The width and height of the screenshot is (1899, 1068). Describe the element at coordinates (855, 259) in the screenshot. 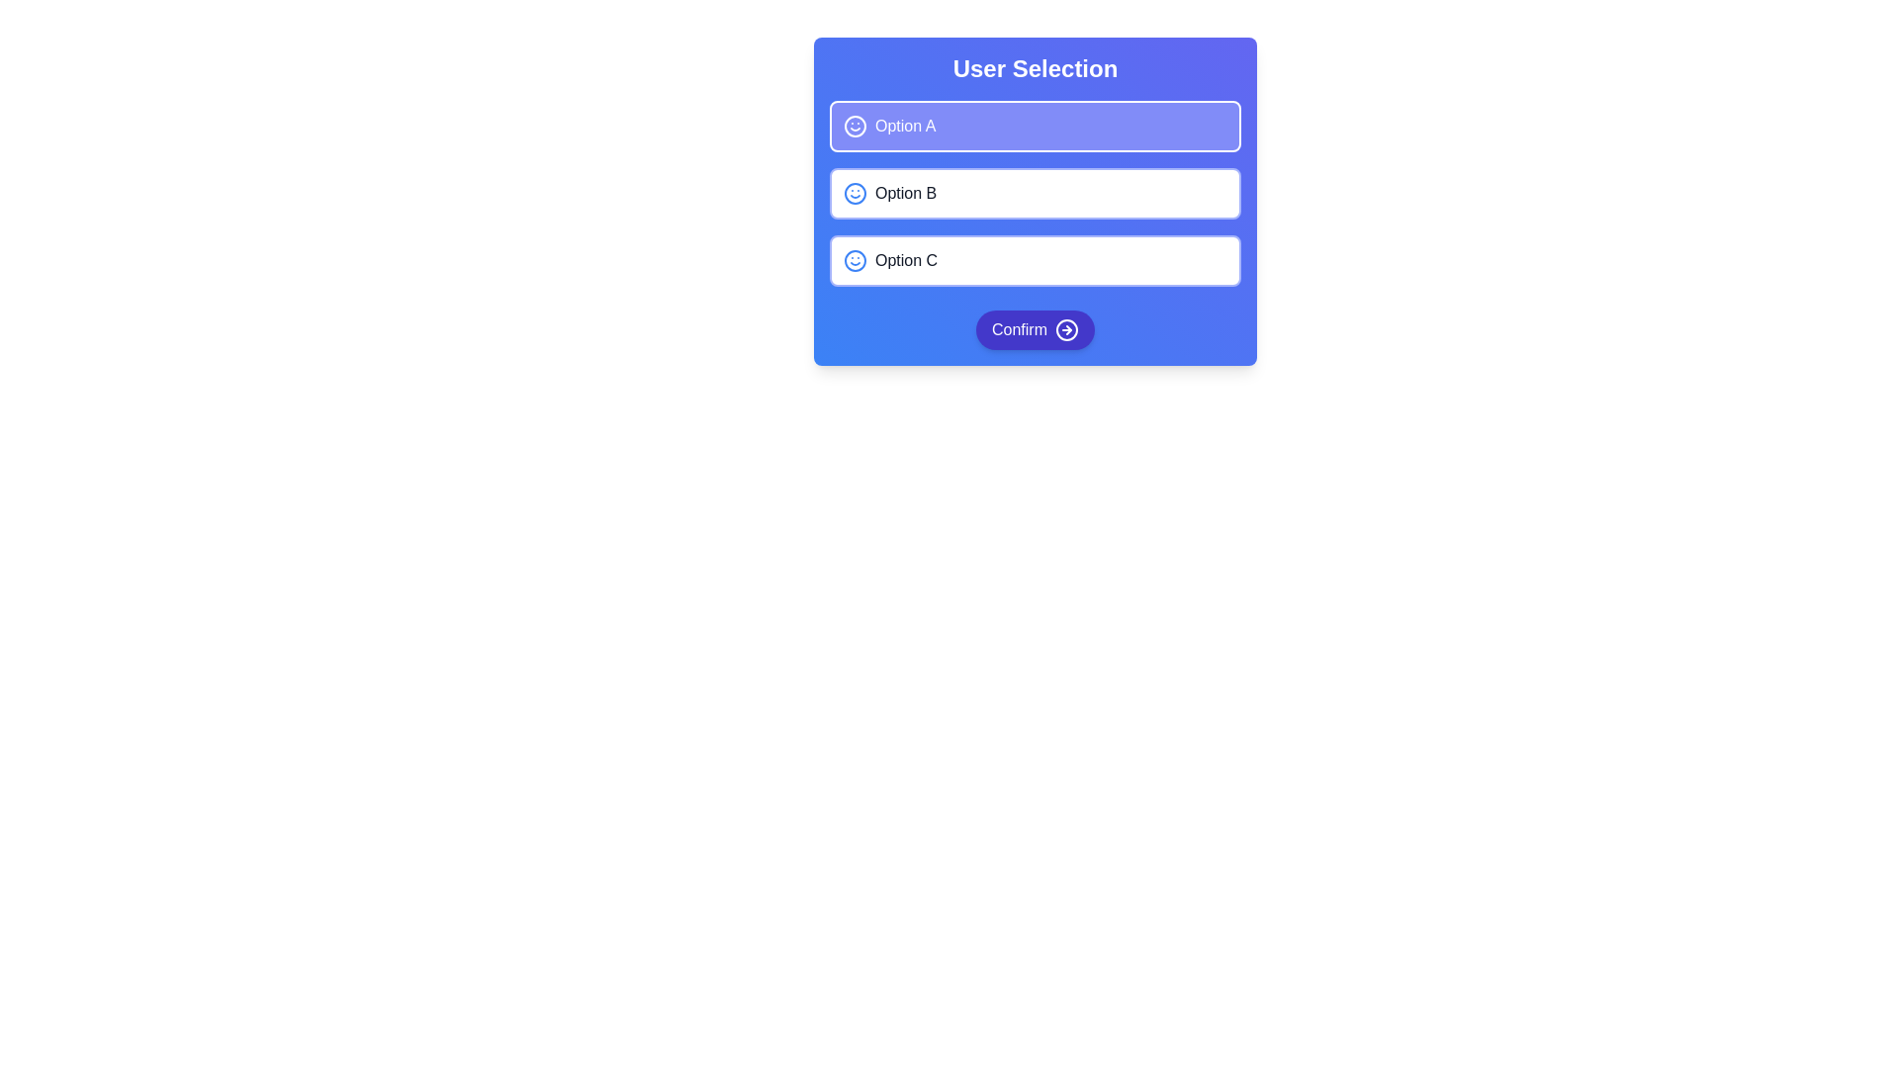

I see `the decorative Smiley icon representing 'Option C', located to the left of the text label 'Option C' within the 'User Selection' box` at that location.